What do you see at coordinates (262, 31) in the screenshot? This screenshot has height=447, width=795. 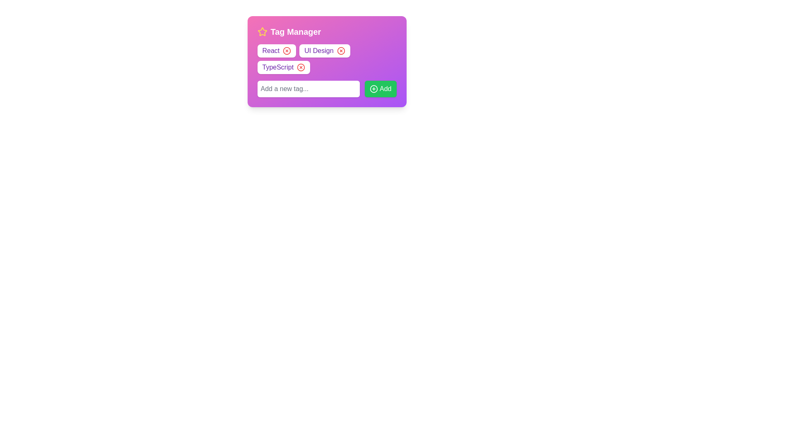 I see `the star icon located to the left of the 'Tag Manager' text in the header section of the widget, which serves to emphasize the title` at bounding box center [262, 31].